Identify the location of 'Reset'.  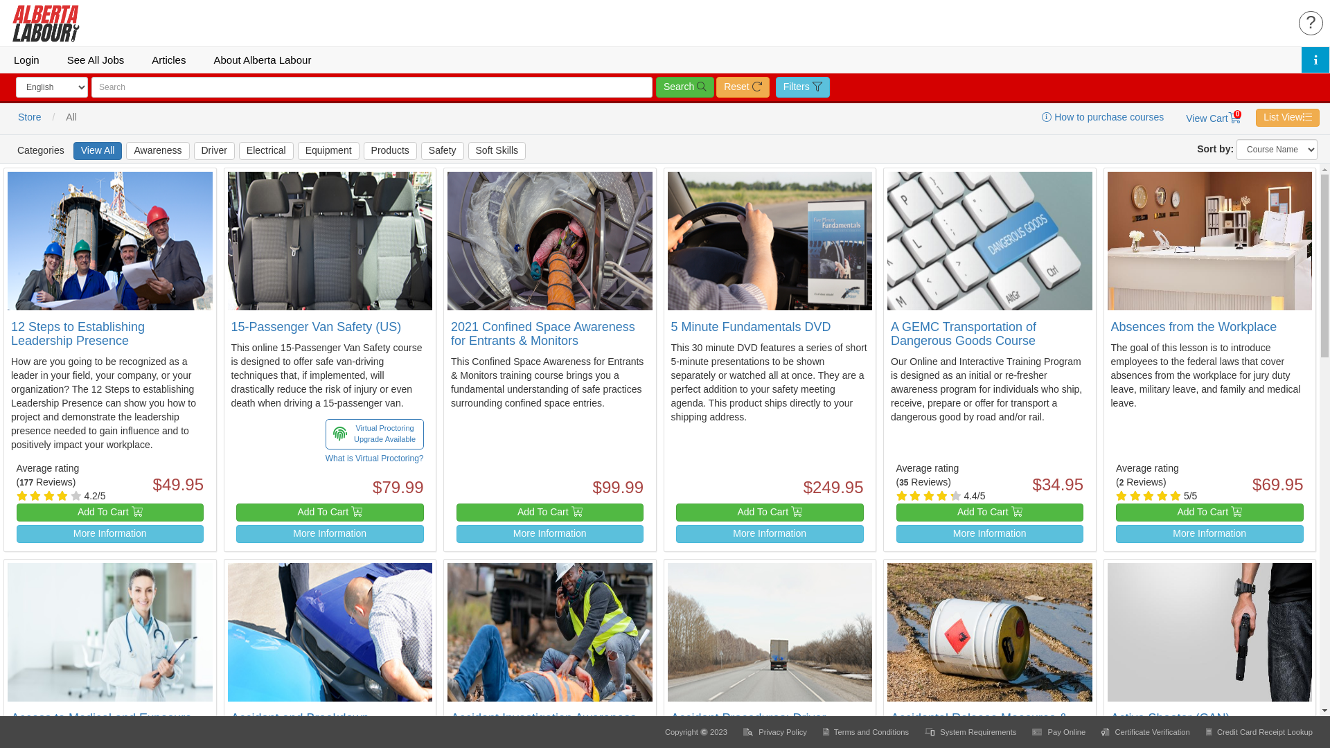
(741, 87).